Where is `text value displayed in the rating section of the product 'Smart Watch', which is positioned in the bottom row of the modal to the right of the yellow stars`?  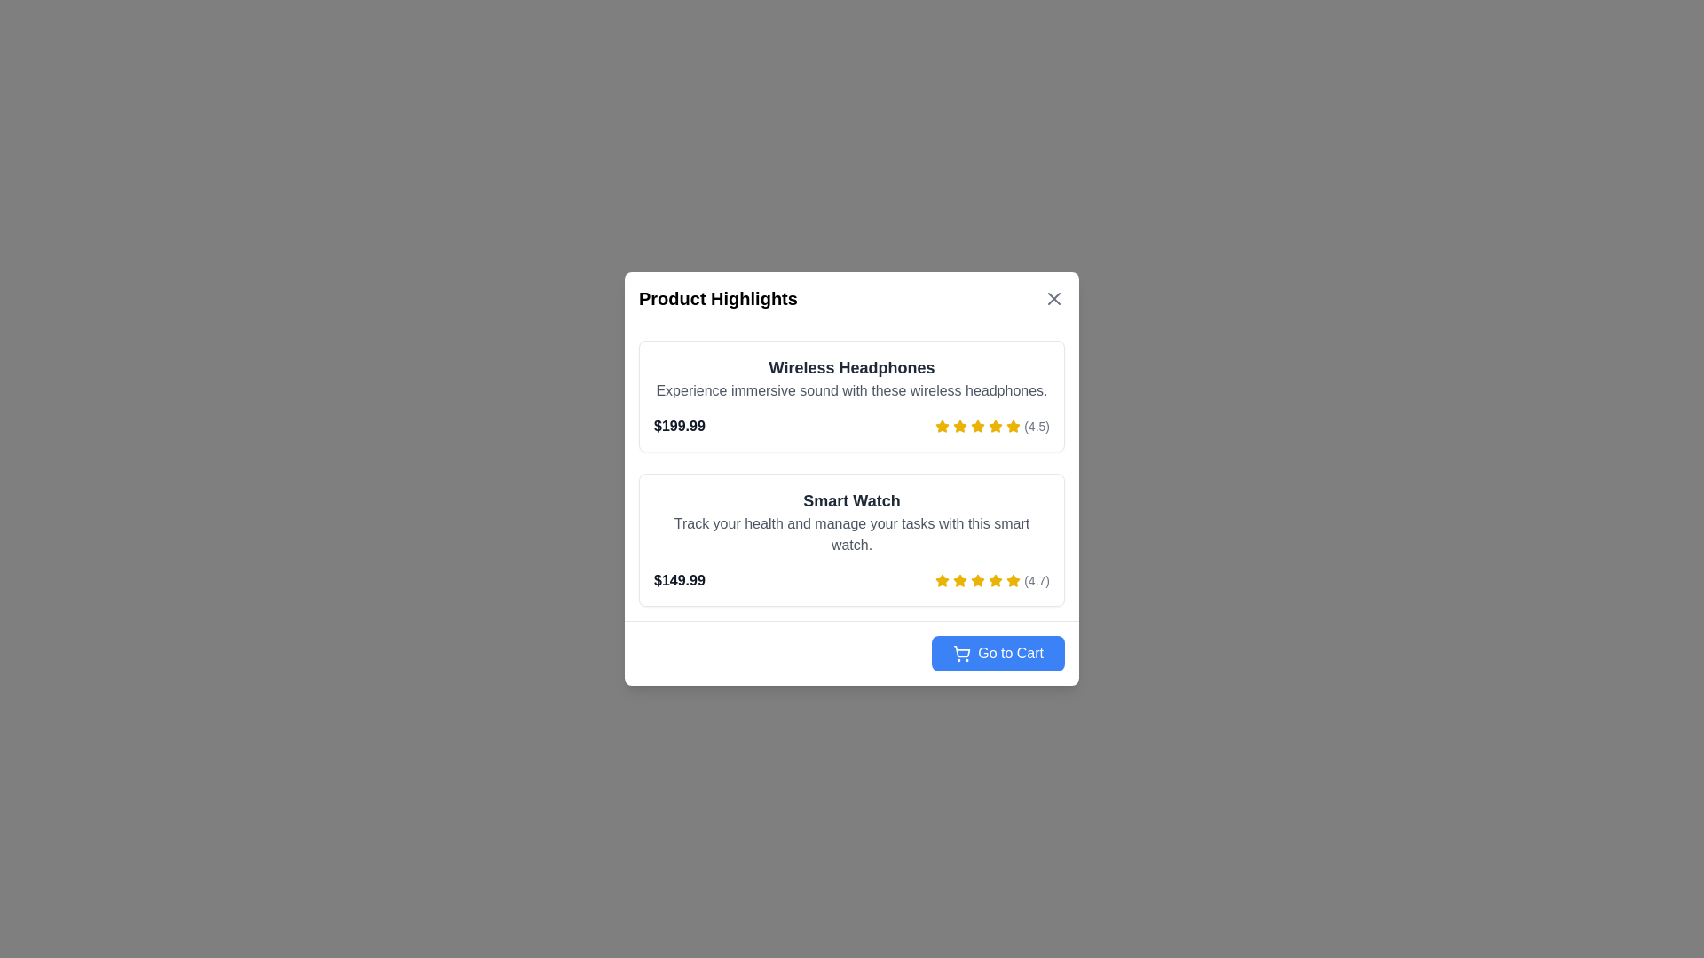 text value displayed in the rating section of the product 'Smart Watch', which is positioned in the bottom row of the modal to the right of the yellow stars is located at coordinates (1037, 581).